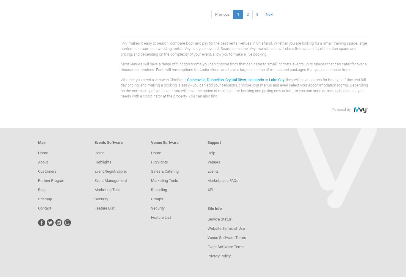 This screenshot has width=406, height=277. What do you see at coordinates (37, 199) in the screenshot?
I see `'Sitemap'` at bounding box center [37, 199].